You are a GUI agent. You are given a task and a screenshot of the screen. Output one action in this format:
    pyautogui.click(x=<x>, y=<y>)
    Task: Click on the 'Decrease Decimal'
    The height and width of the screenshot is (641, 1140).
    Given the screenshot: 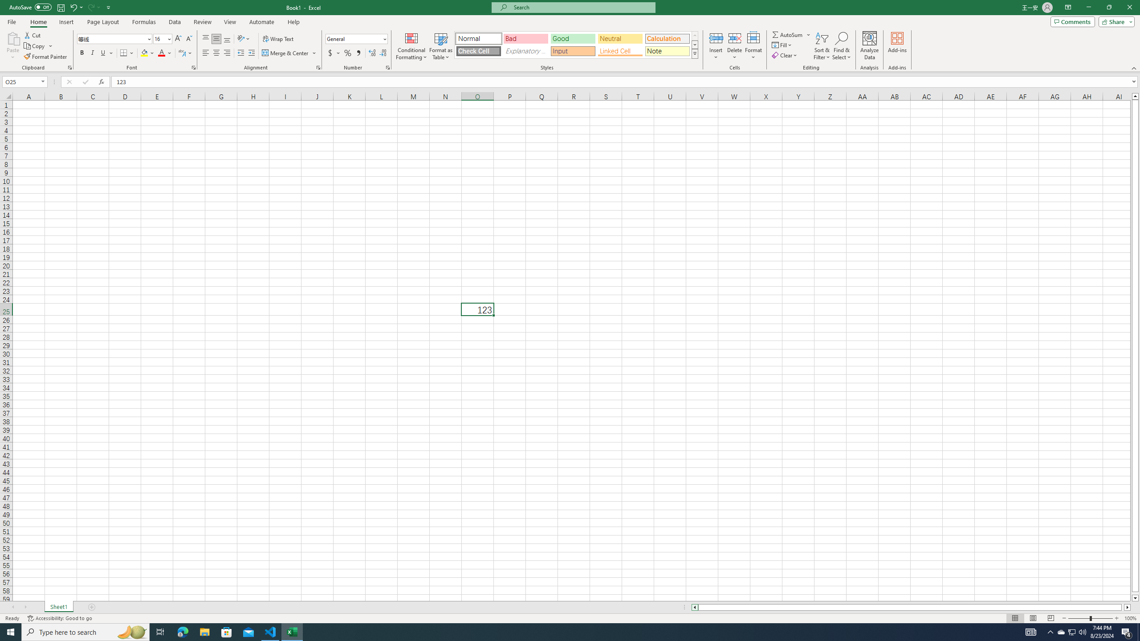 What is the action you would take?
    pyautogui.click(x=383, y=53)
    